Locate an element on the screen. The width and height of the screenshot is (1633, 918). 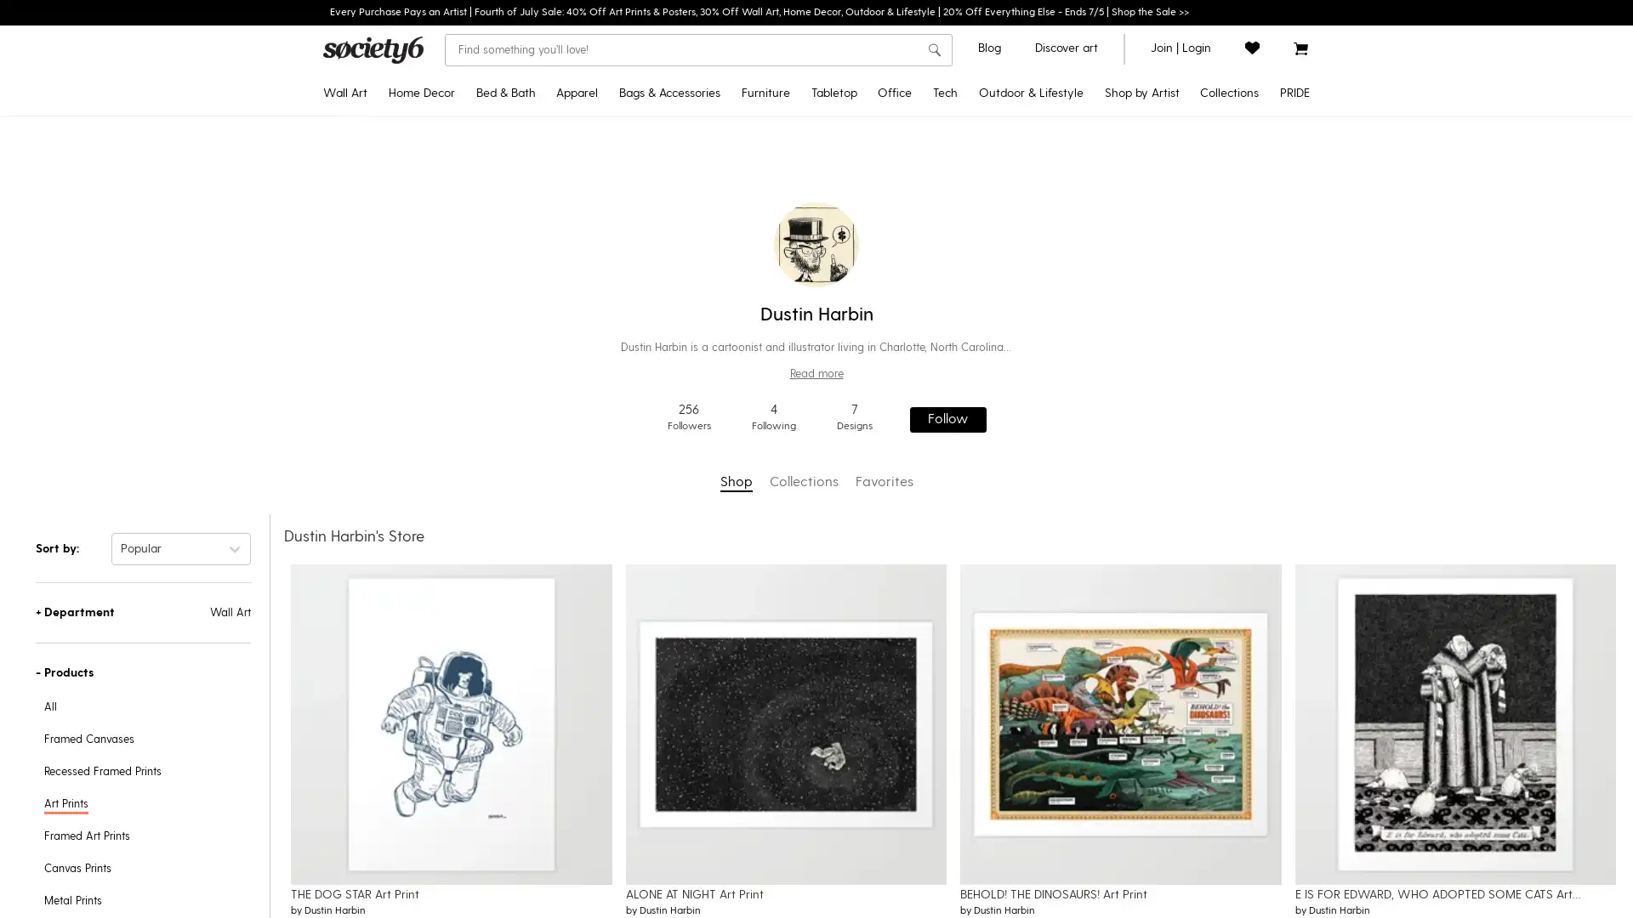
Curator's Picks is located at coordinates (1095, 410).